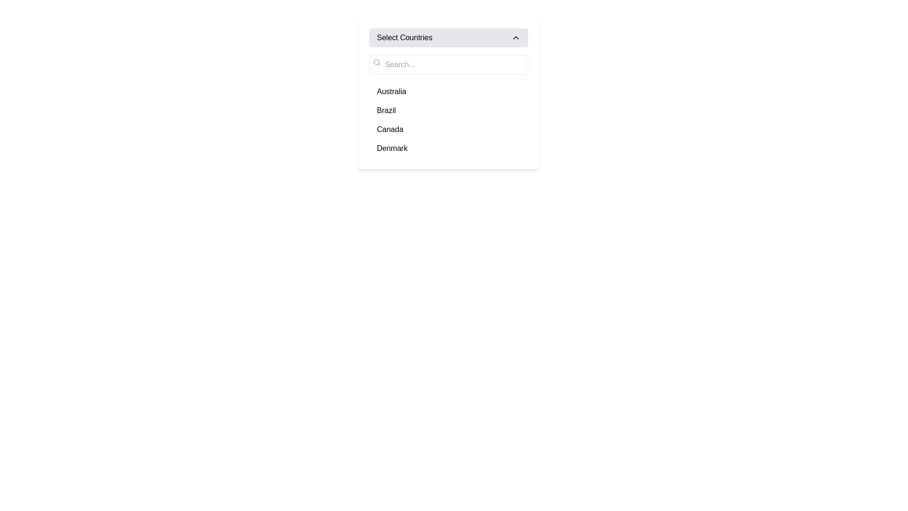 The image size is (908, 511). Describe the element at coordinates (448, 129) in the screenshot. I see `the list item representing the country 'Canada' in the dropdown menu labeled 'Select Countries'` at that location.